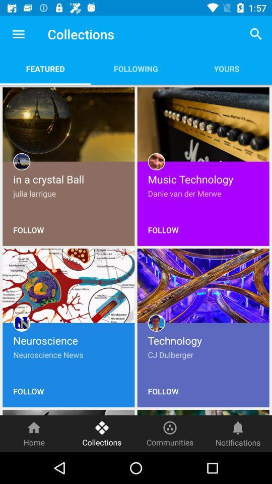  I want to click on icon above the featured item, so click(18, 34).